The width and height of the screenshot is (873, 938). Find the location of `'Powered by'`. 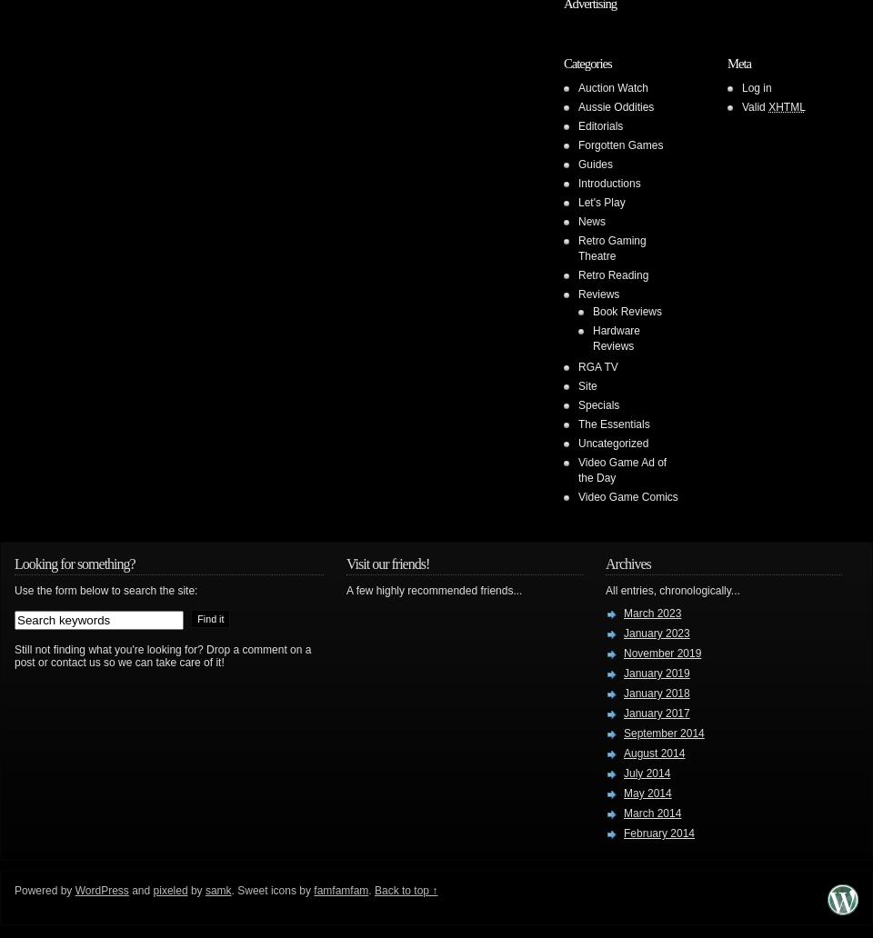

'Powered by' is located at coordinates (43, 889).